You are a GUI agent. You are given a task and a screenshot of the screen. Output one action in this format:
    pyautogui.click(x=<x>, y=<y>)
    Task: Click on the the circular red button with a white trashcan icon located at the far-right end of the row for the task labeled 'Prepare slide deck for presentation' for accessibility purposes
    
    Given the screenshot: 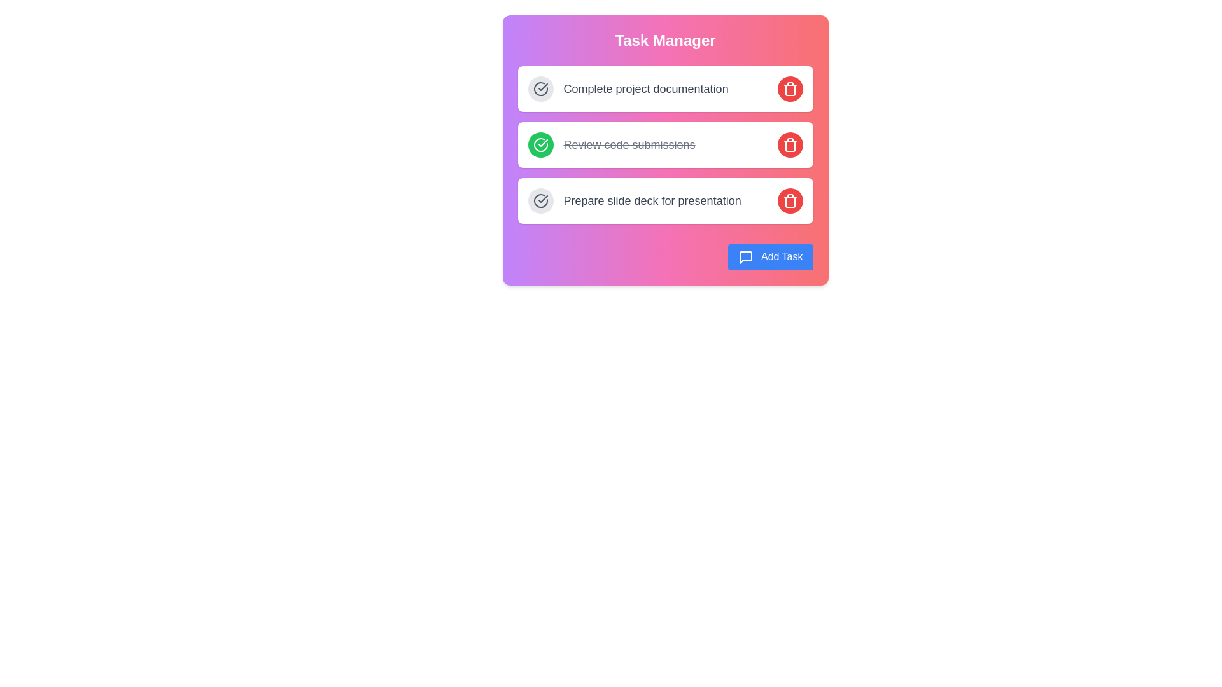 What is the action you would take?
    pyautogui.click(x=789, y=200)
    